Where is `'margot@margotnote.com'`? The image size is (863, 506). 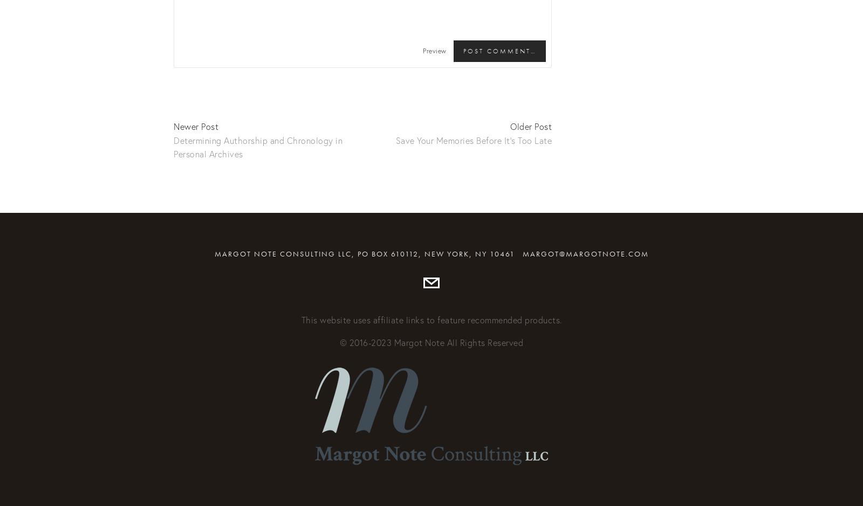
'margot@margotnote.com' is located at coordinates (585, 253).